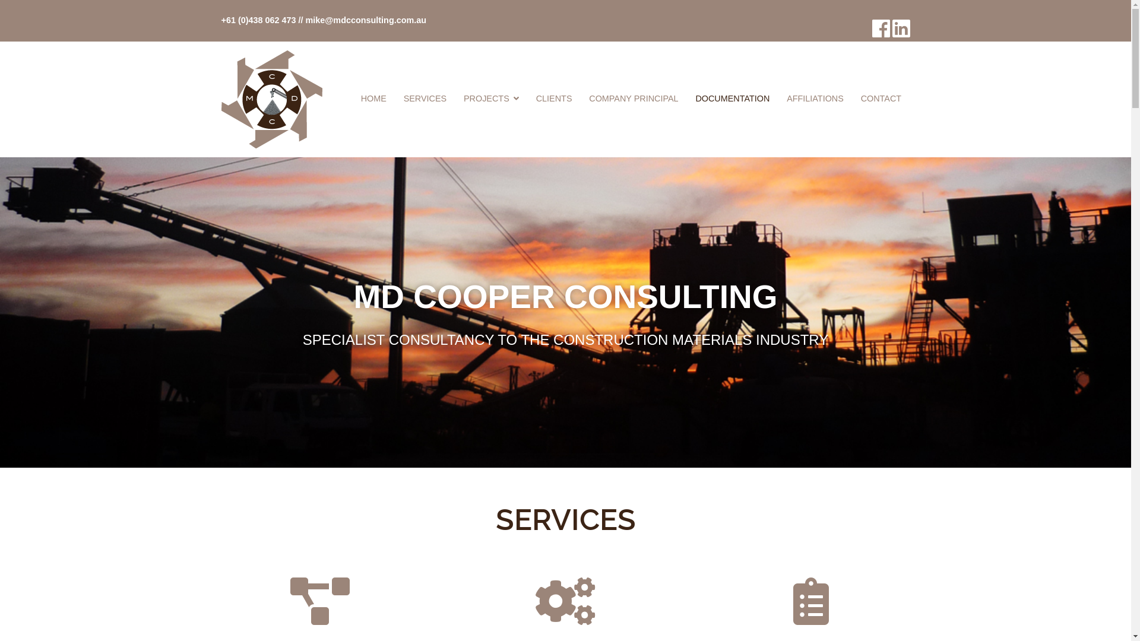 The width and height of the screenshot is (1140, 641). What do you see at coordinates (373, 98) in the screenshot?
I see `'HOME'` at bounding box center [373, 98].